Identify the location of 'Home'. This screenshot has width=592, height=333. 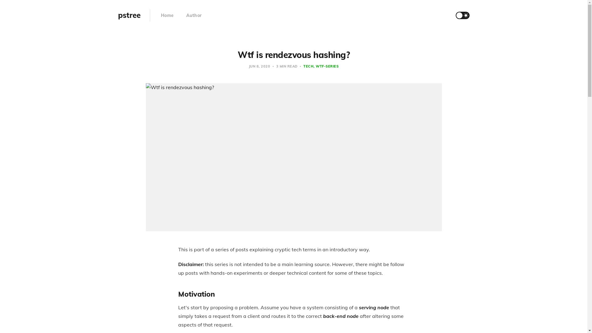
(167, 15).